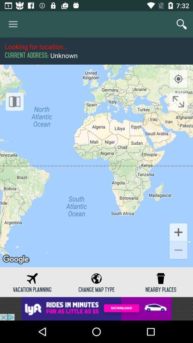 The height and width of the screenshot is (343, 193). What do you see at coordinates (178, 232) in the screenshot?
I see `the add icon` at bounding box center [178, 232].